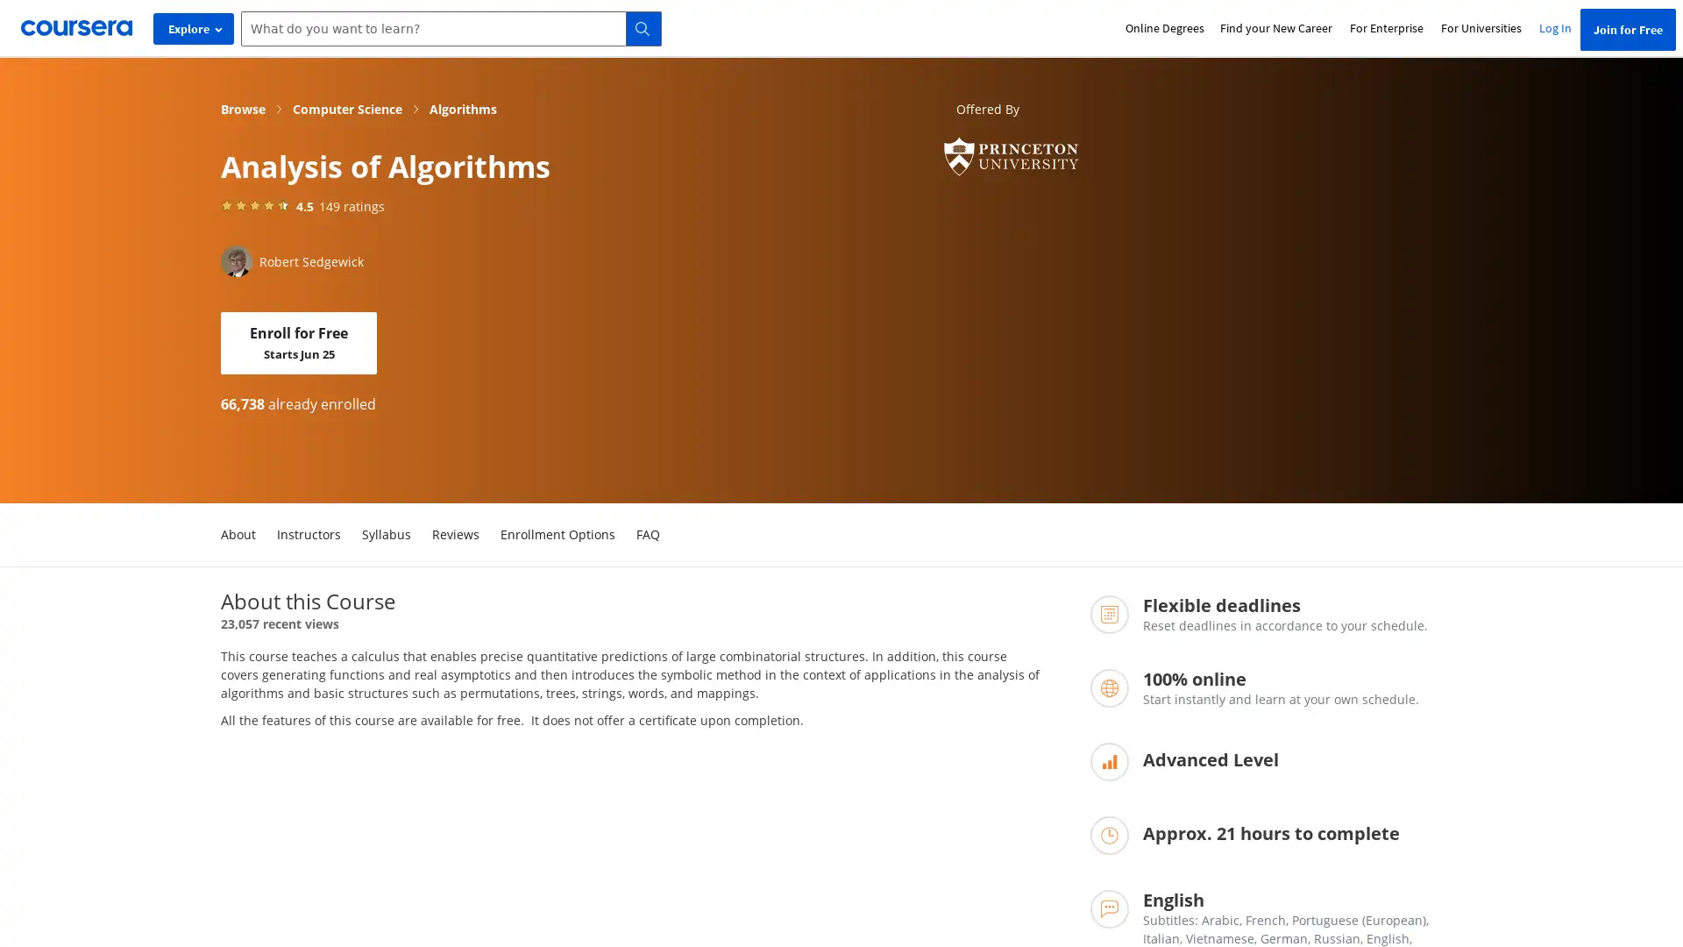 This screenshot has width=1683, height=947. Describe the element at coordinates (298, 343) in the screenshot. I see `Enroll for Free Starts Jun 25` at that location.